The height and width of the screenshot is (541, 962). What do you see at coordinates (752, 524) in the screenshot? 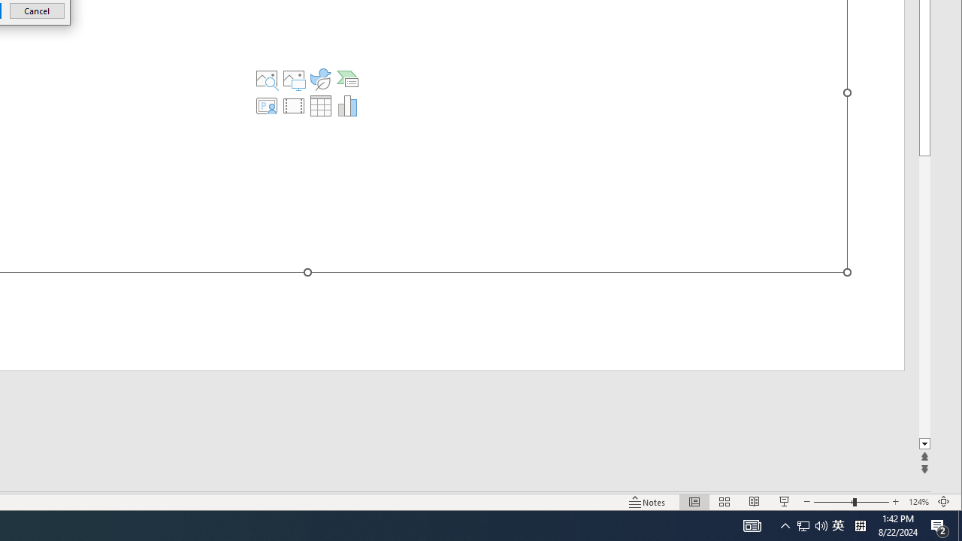
I see `'AutomationID: 4105'` at bounding box center [752, 524].